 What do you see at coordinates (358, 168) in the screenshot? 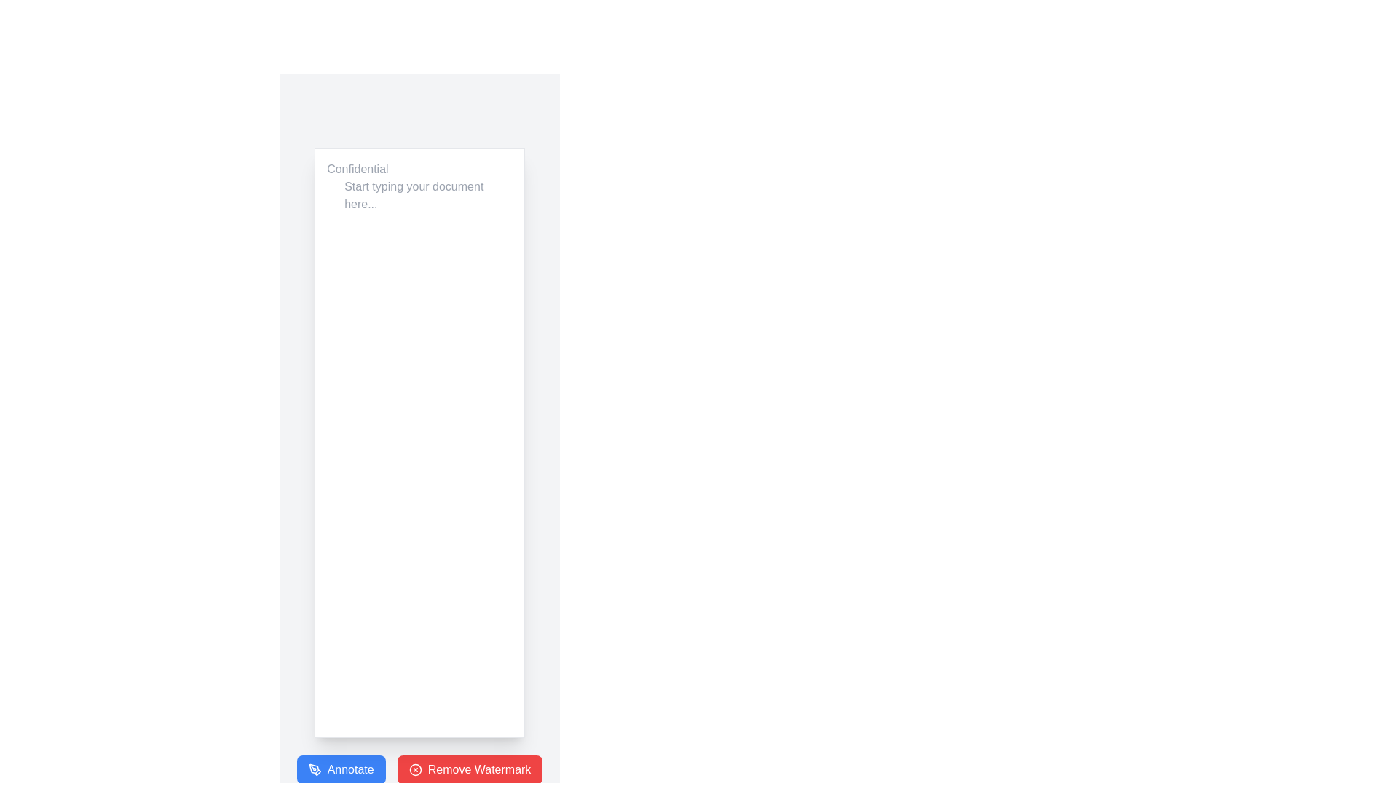
I see `the 'Confidential' text label, which is styled in light gray and located within a larger box component near the top-left corner` at bounding box center [358, 168].